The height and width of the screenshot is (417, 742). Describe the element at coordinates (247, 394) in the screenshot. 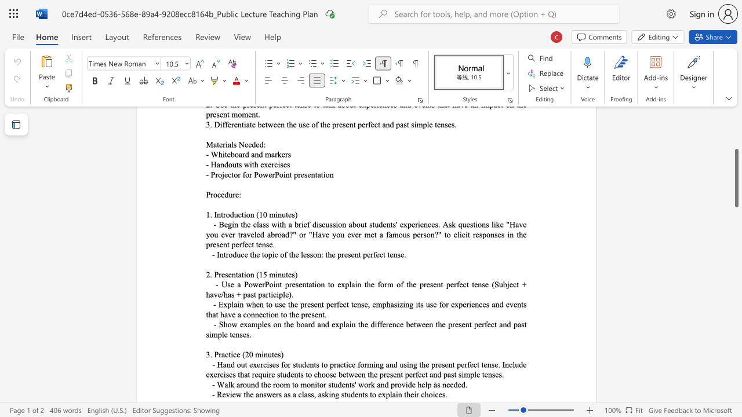

I see `the 1th character "h" in the text` at that location.